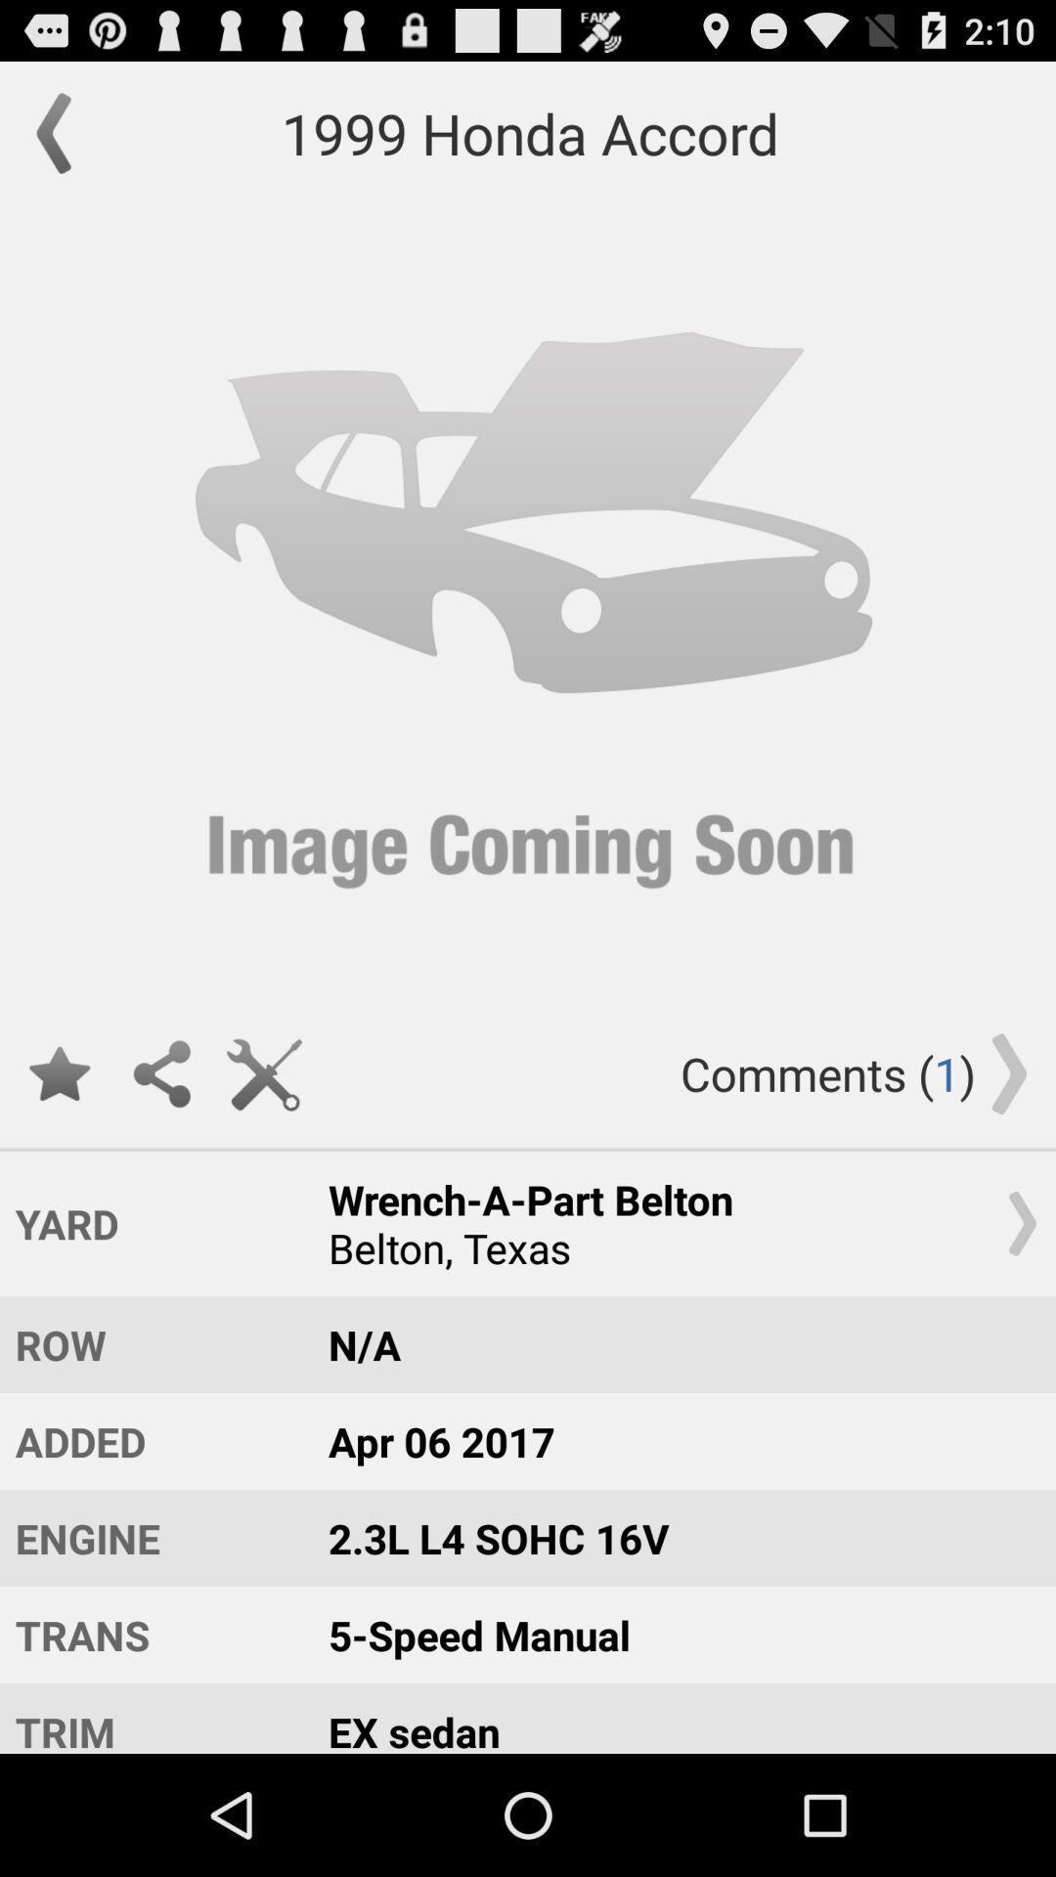 The height and width of the screenshot is (1877, 1056). I want to click on the 5-speed manual, so click(673, 1635).